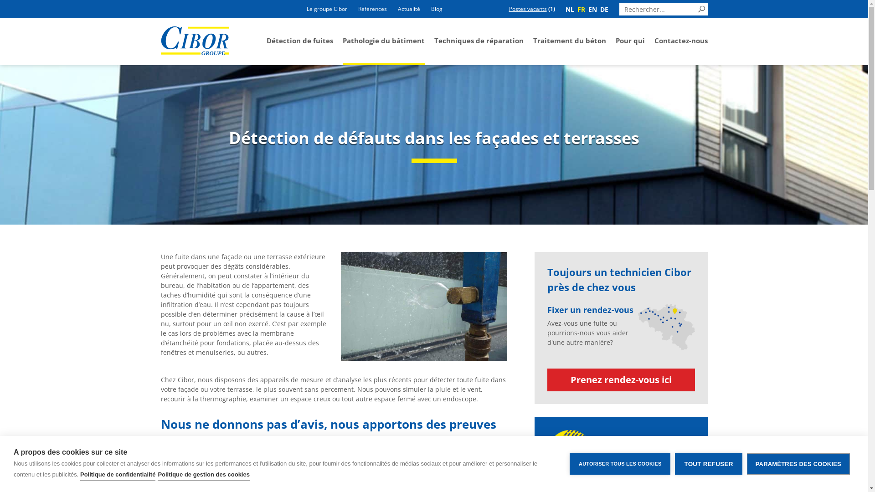 This screenshot has width=875, height=492. What do you see at coordinates (675, 464) in the screenshot?
I see `'TOUT REFUSER'` at bounding box center [675, 464].